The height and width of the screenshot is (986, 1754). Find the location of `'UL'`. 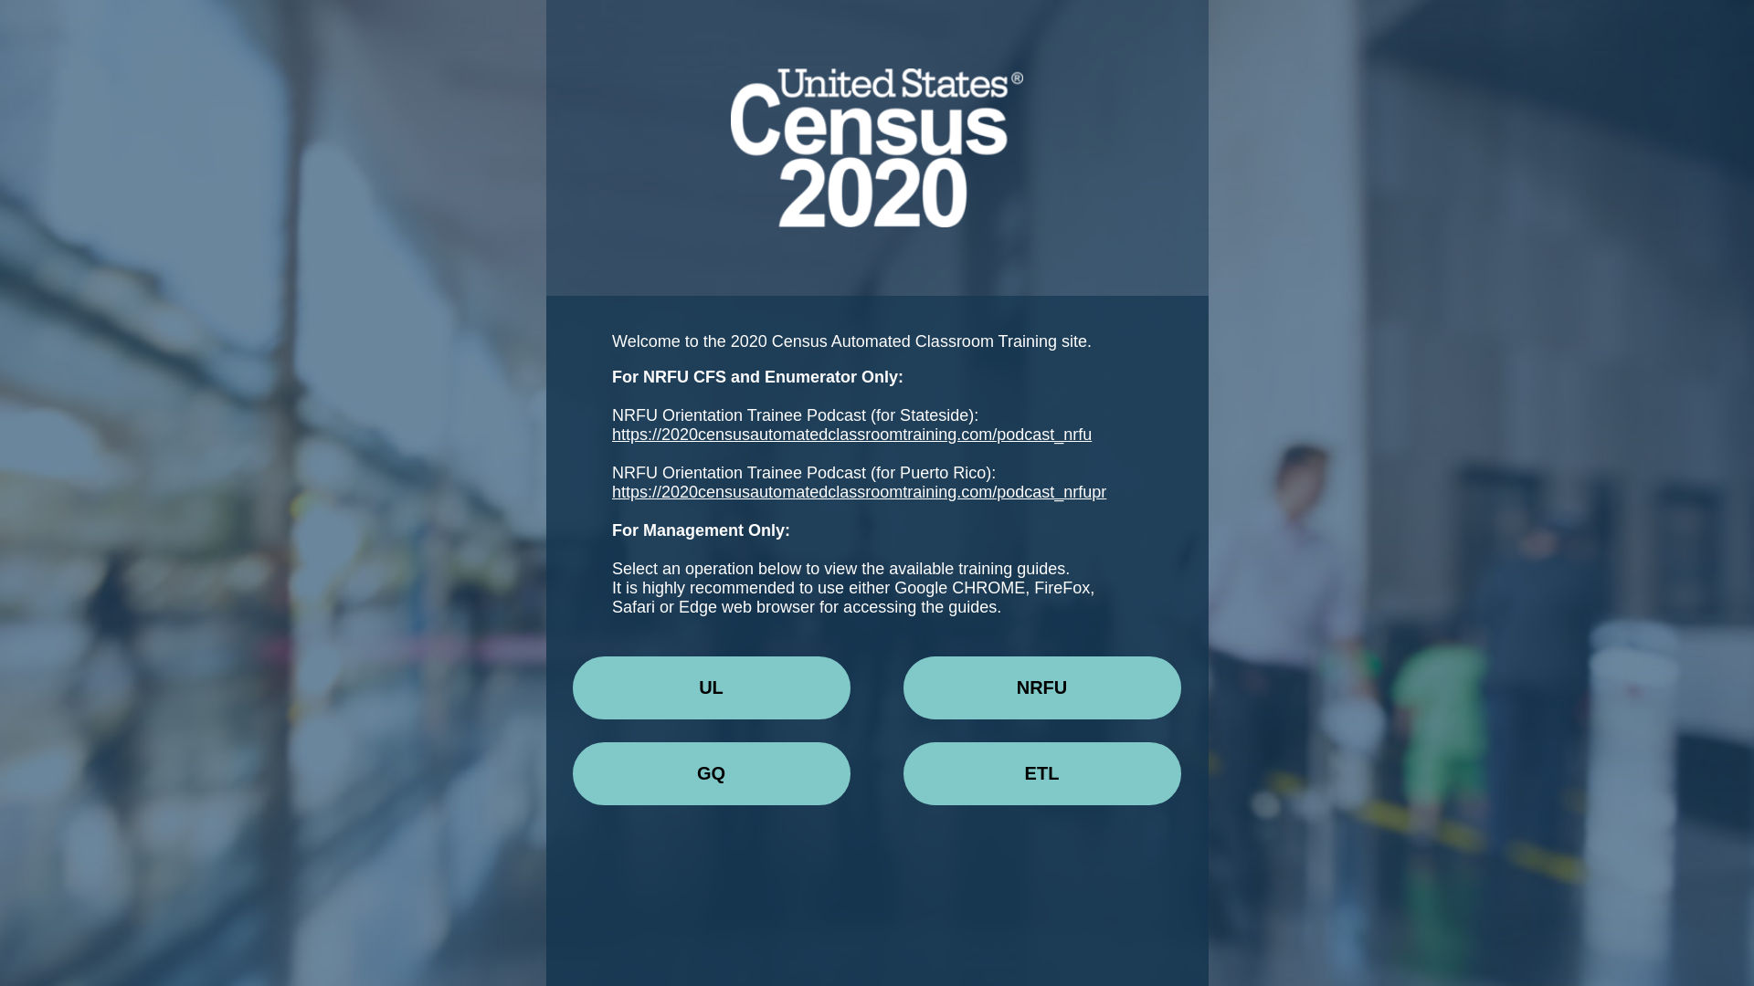

'UL' is located at coordinates (709, 687).